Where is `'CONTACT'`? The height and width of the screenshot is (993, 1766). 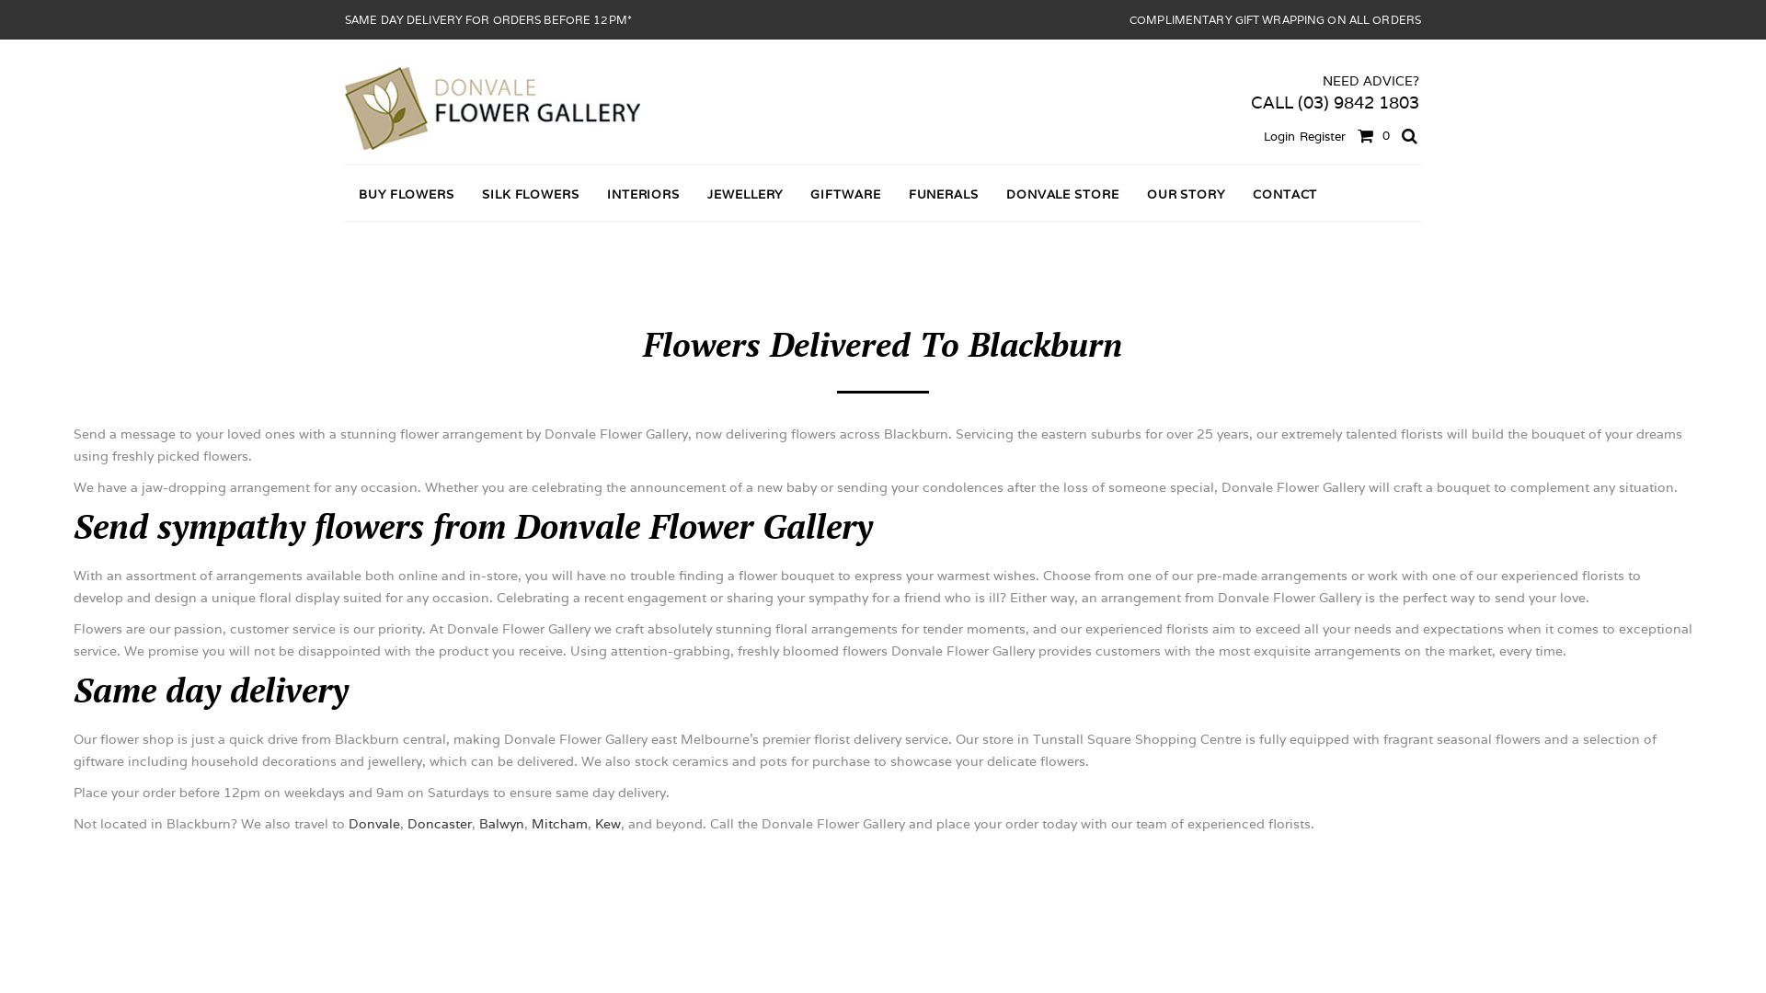
'CONTACT' is located at coordinates (1283, 194).